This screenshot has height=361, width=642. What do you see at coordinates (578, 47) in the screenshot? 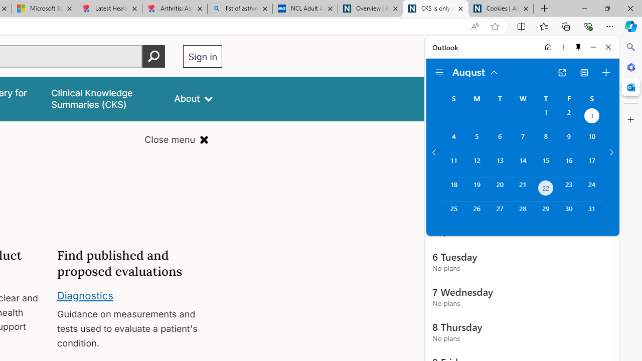
I see `'Unpin side pane'` at bounding box center [578, 47].